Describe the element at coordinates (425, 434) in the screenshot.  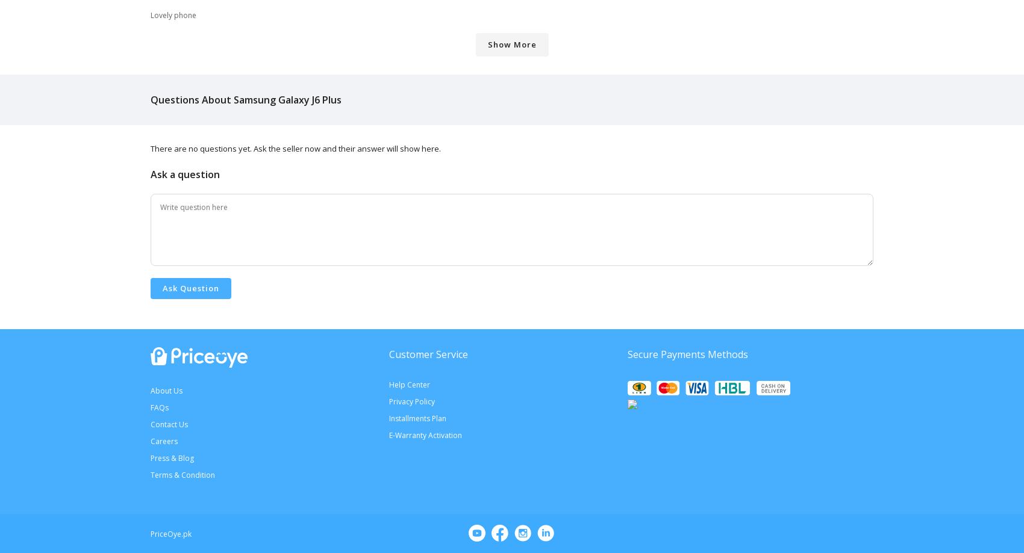
I see `'E-Warranty Activation'` at that location.